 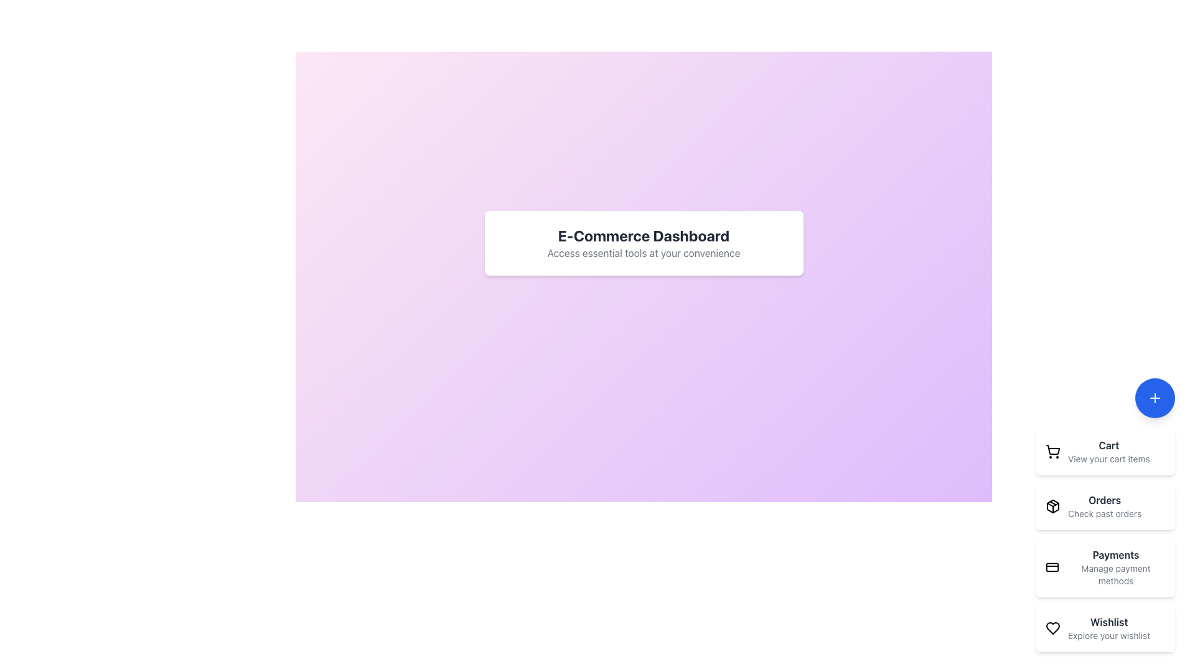 I want to click on the Text label that provides navigation to the past orders page, located below the 'Cart/View your cart items' and above the 'Payments/Manage payment methods' elements, so click(x=1105, y=506).